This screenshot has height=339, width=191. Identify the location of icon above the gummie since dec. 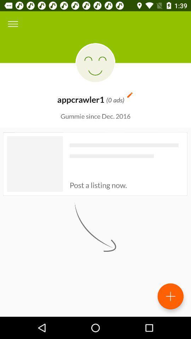
(129, 95).